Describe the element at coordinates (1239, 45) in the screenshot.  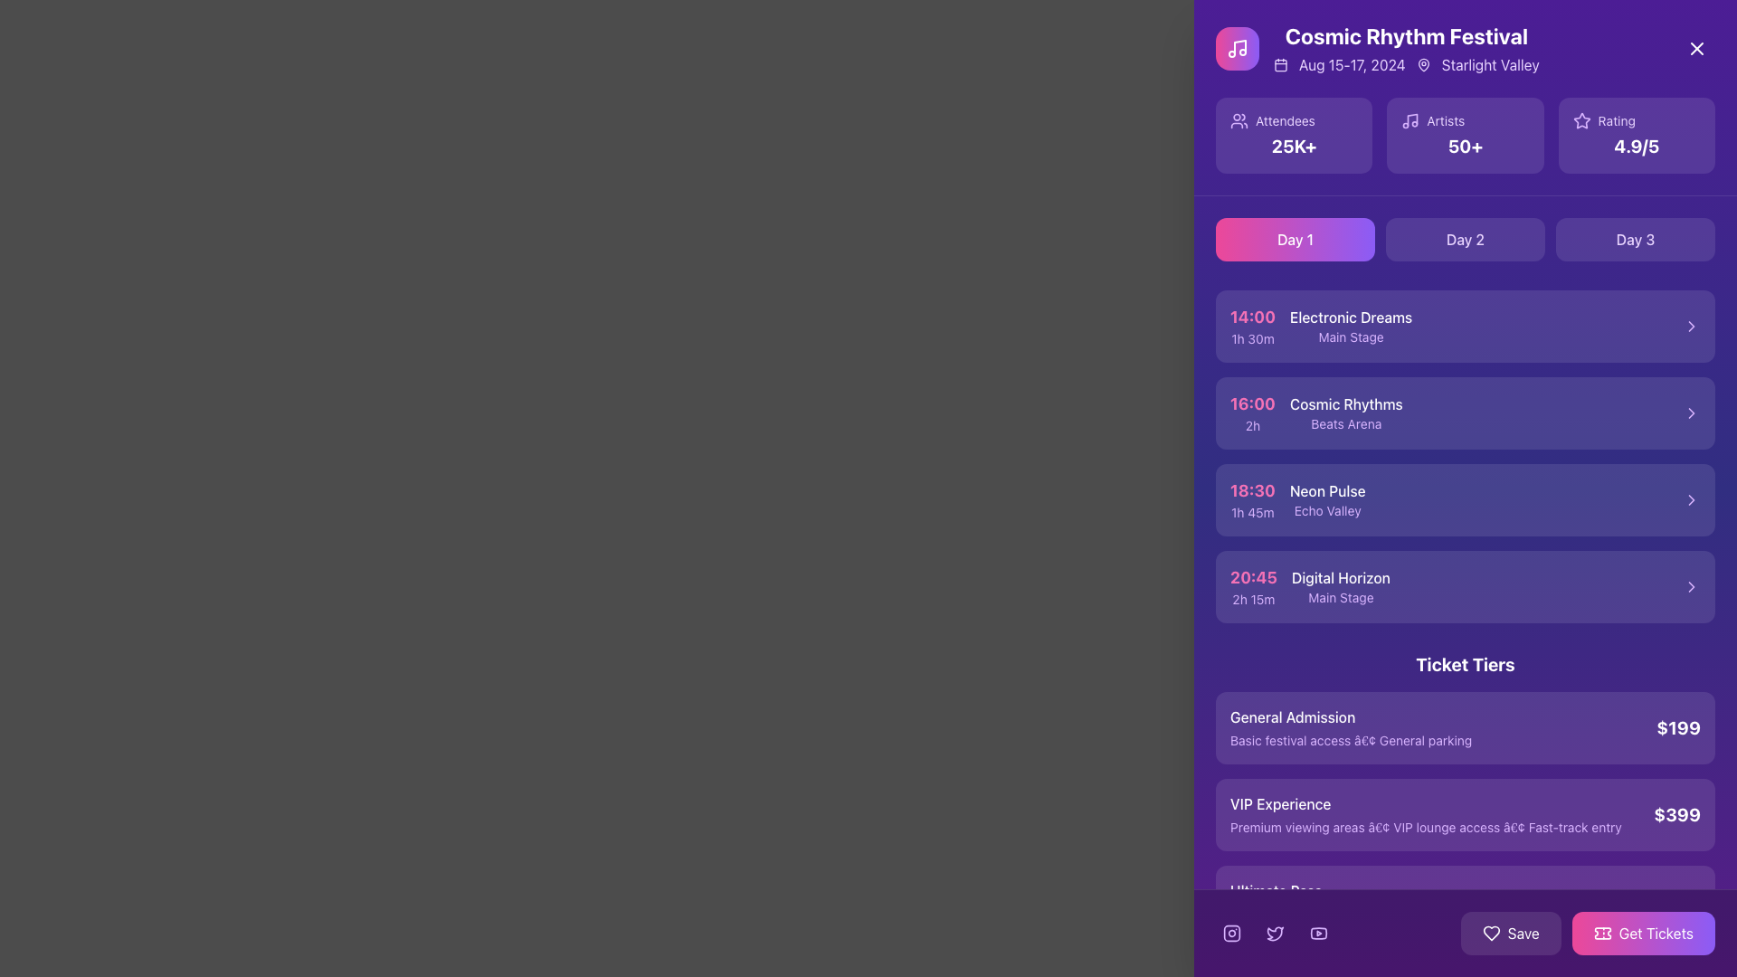
I see `the musical note icon located in the top-left corner of the header section, adjacent to the festival title 'Cosmic Rhythm Festival'` at that location.